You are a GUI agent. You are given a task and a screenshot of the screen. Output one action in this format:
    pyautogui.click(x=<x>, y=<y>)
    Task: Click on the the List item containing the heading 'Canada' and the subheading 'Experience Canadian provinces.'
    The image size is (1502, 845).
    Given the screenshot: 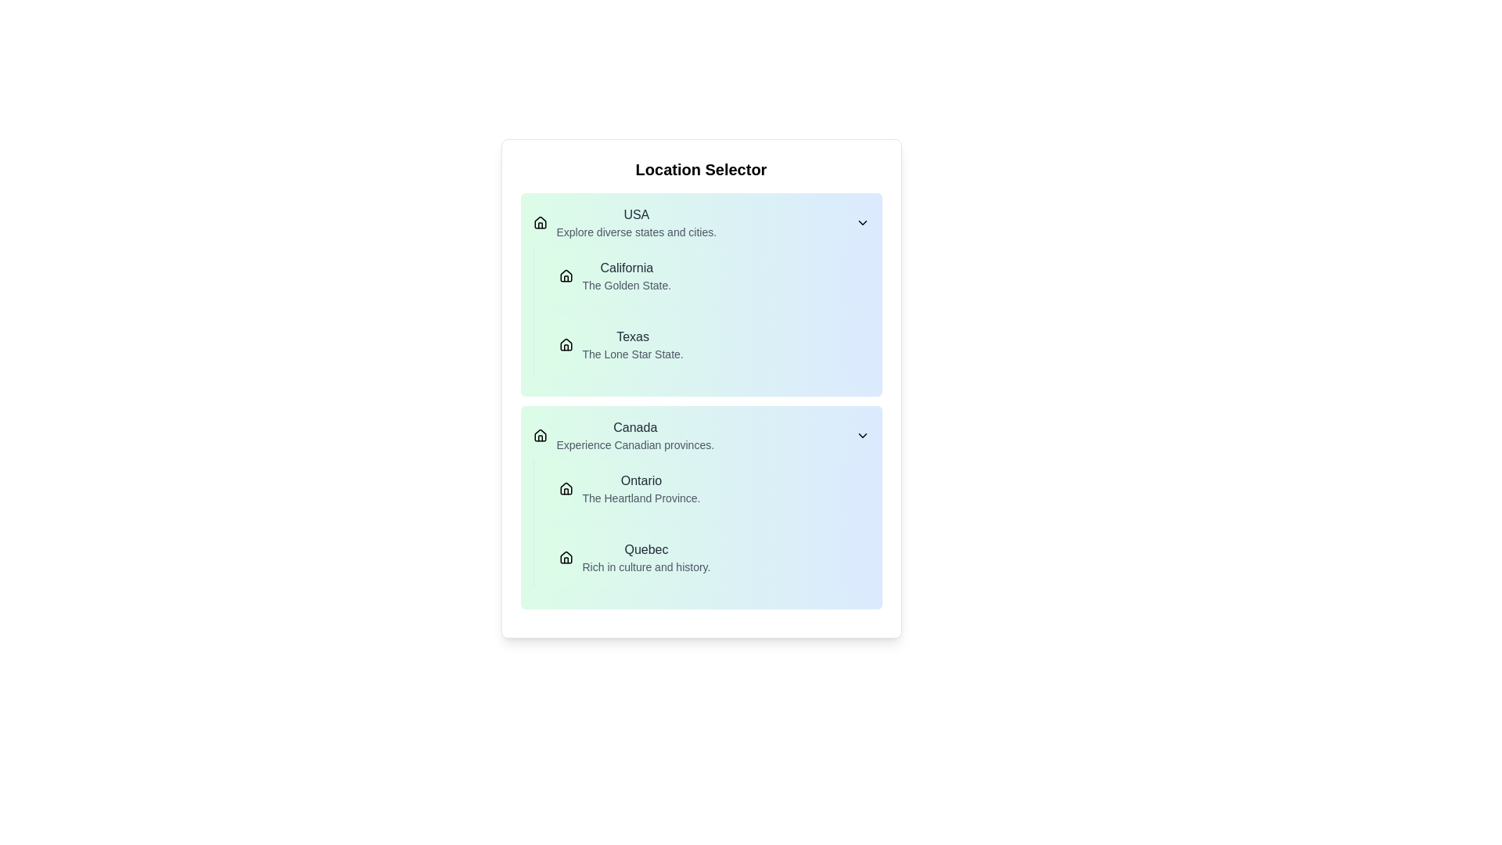 What is the action you would take?
    pyautogui.click(x=700, y=435)
    